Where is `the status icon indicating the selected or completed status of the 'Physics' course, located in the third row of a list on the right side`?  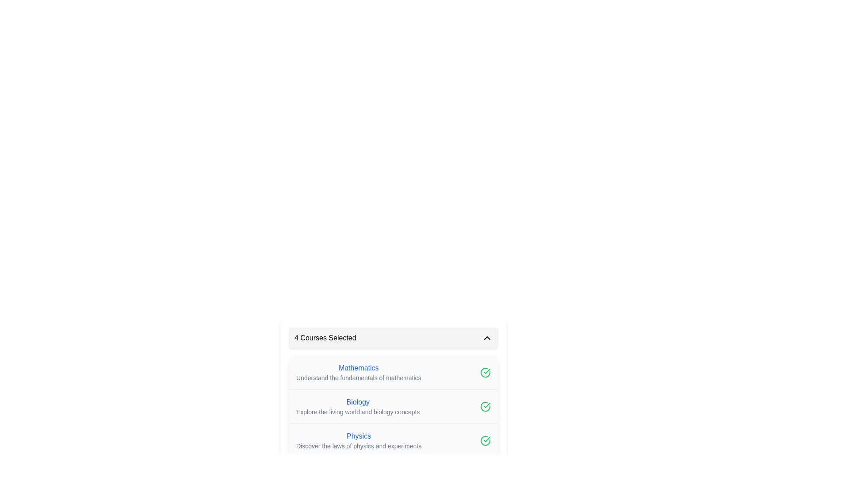 the status icon indicating the selected or completed status of the 'Physics' course, located in the third row of a list on the right side is located at coordinates (486, 439).